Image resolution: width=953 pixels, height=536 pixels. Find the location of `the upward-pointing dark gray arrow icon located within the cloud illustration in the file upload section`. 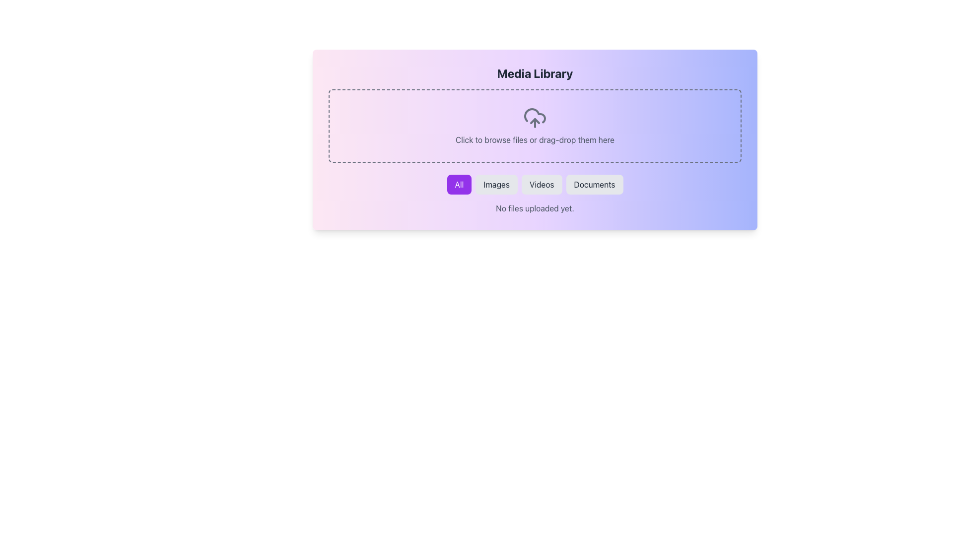

the upward-pointing dark gray arrow icon located within the cloud illustration in the file upload section is located at coordinates (535, 120).